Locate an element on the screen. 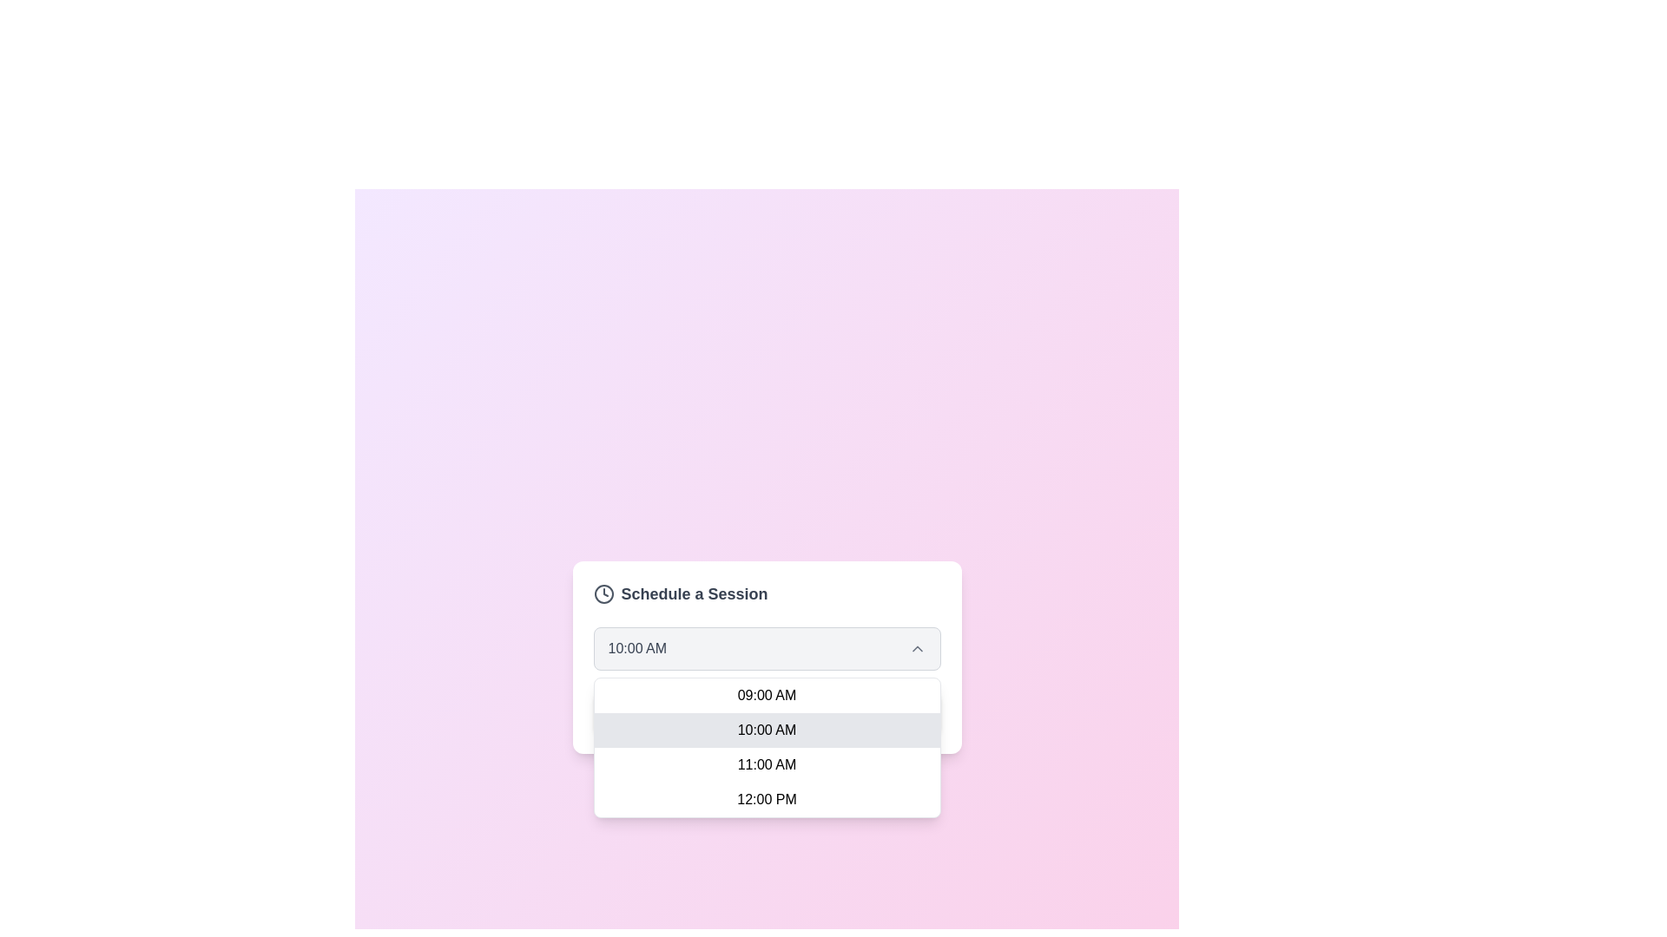  the text label that describes the scheduling functionality, located to the right of the clock icon in the upper part of the modal is located at coordinates (695, 593).